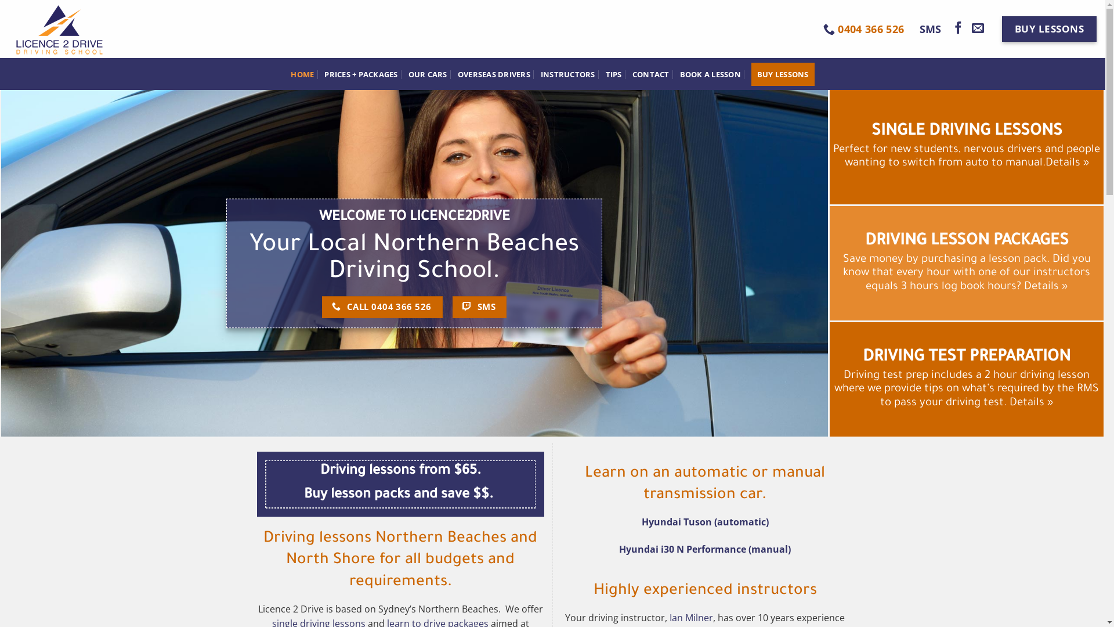 The height and width of the screenshot is (627, 1114). Describe the element at coordinates (613, 74) in the screenshot. I see `'TIPS'` at that location.